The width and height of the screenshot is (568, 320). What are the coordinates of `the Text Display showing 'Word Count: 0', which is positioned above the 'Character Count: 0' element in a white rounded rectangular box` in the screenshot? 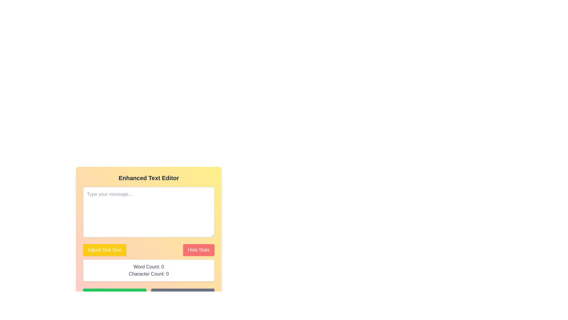 It's located at (149, 267).